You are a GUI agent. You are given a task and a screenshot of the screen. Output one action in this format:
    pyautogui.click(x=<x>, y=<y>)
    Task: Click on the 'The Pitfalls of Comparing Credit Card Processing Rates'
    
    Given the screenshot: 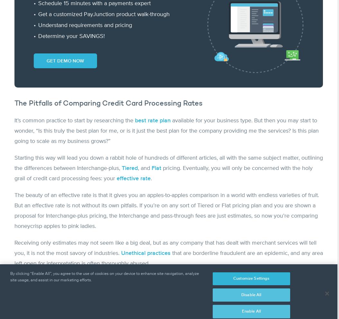 What is the action you would take?
    pyautogui.click(x=108, y=103)
    